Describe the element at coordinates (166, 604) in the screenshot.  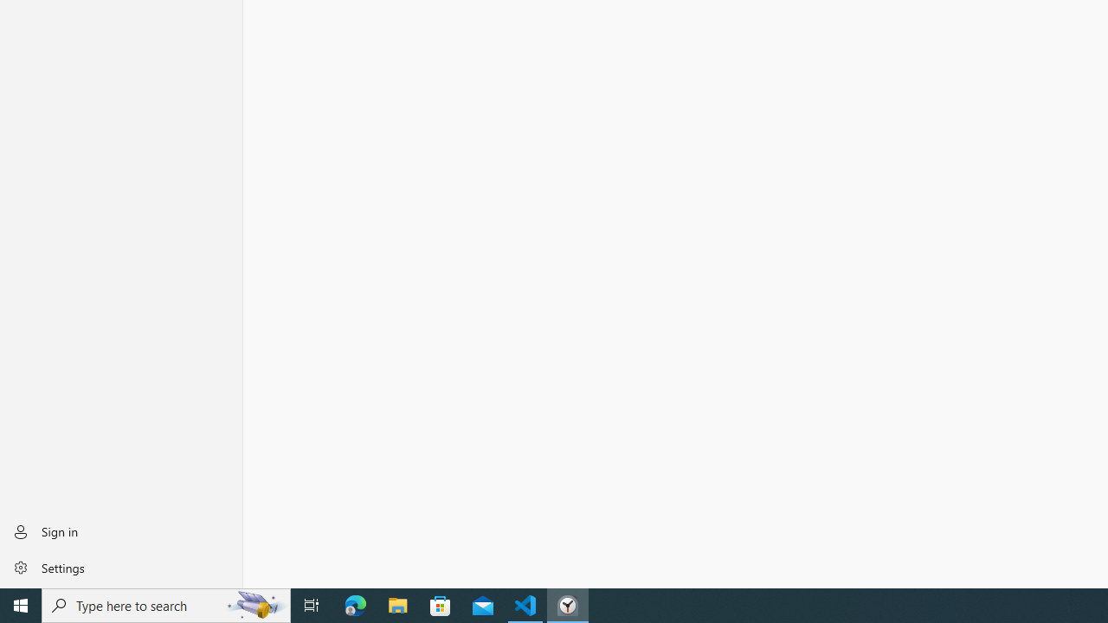
I see `'Type here to search'` at that location.